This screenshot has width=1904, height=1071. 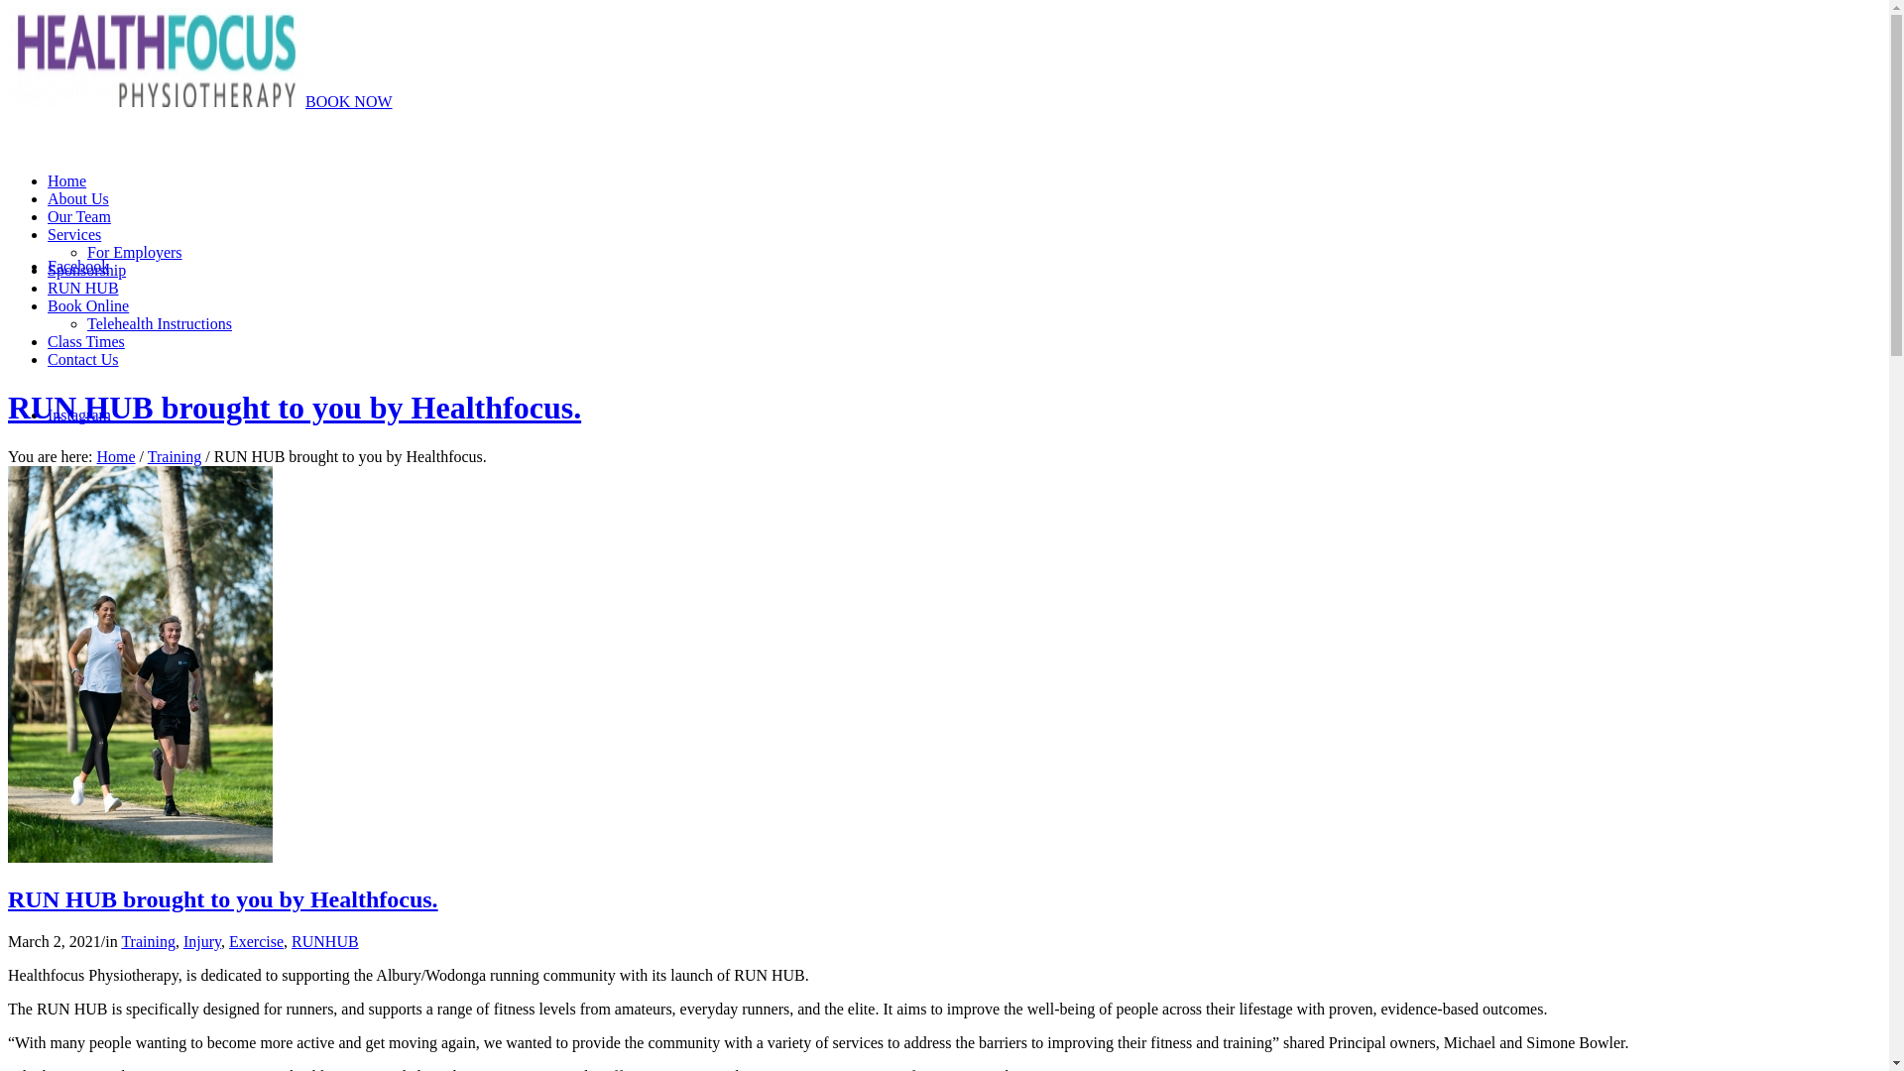 What do you see at coordinates (81, 359) in the screenshot?
I see `'Contact Us'` at bounding box center [81, 359].